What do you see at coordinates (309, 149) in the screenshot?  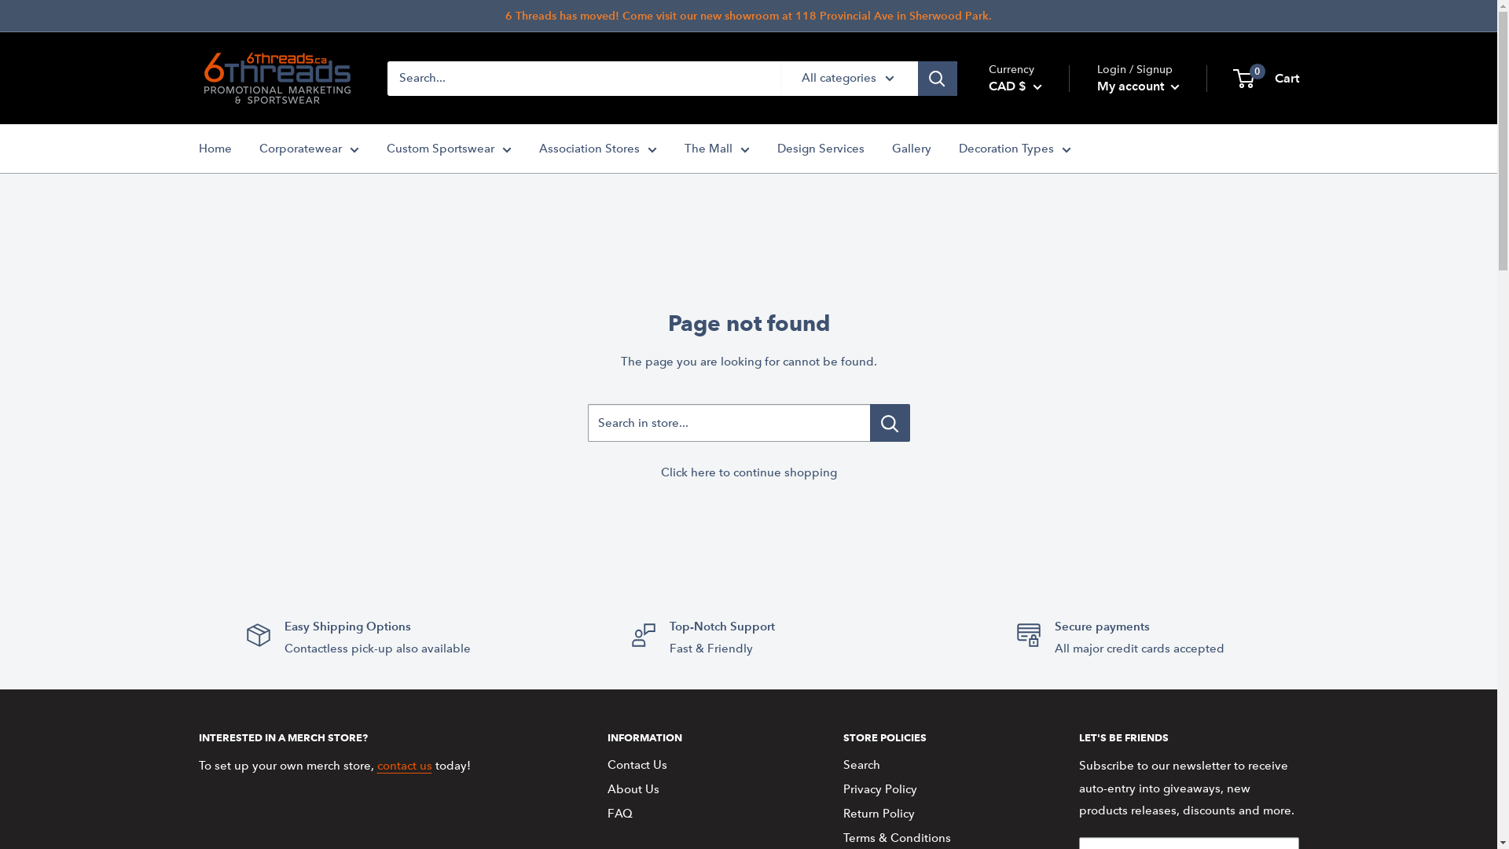 I see `'Corporatewear'` at bounding box center [309, 149].